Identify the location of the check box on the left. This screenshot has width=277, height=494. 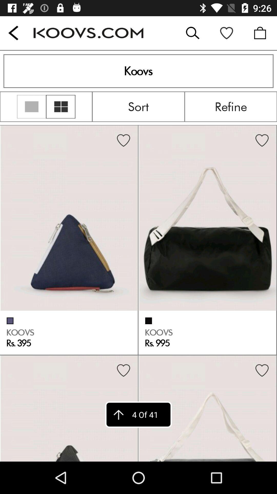
(10, 321).